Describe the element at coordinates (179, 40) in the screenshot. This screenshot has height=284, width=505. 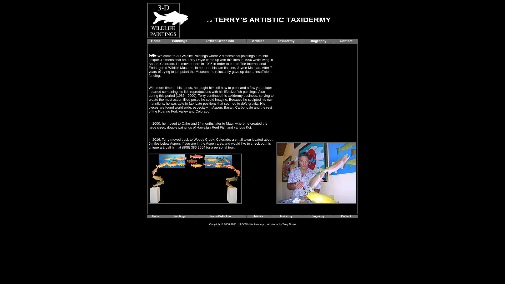
I see `'Paintings'` at that location.